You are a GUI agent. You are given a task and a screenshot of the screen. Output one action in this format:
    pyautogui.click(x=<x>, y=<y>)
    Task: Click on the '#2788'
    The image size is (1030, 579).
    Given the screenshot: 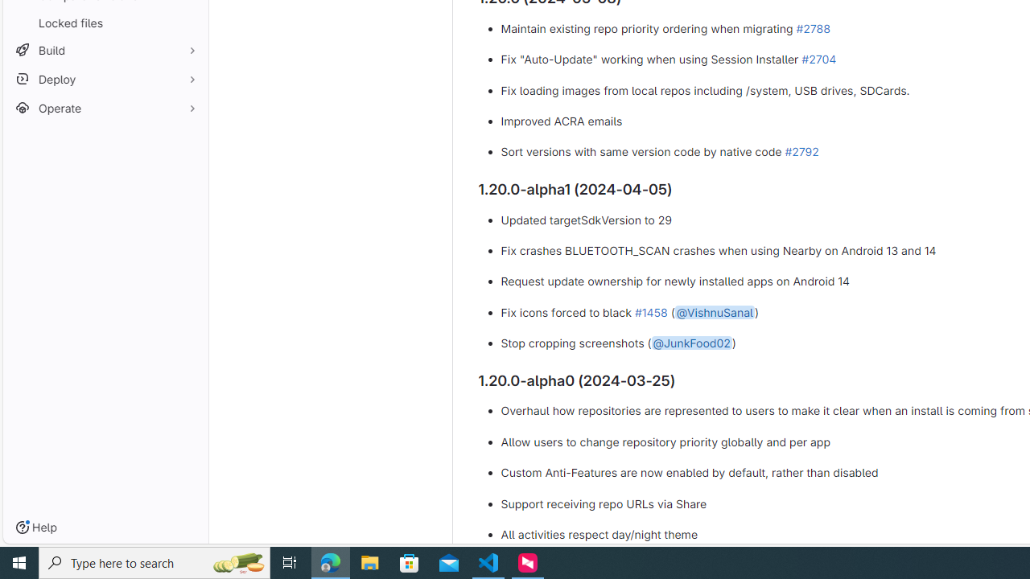 What is the action you would take?
    pyautogui.click(x=813, y=27)
    